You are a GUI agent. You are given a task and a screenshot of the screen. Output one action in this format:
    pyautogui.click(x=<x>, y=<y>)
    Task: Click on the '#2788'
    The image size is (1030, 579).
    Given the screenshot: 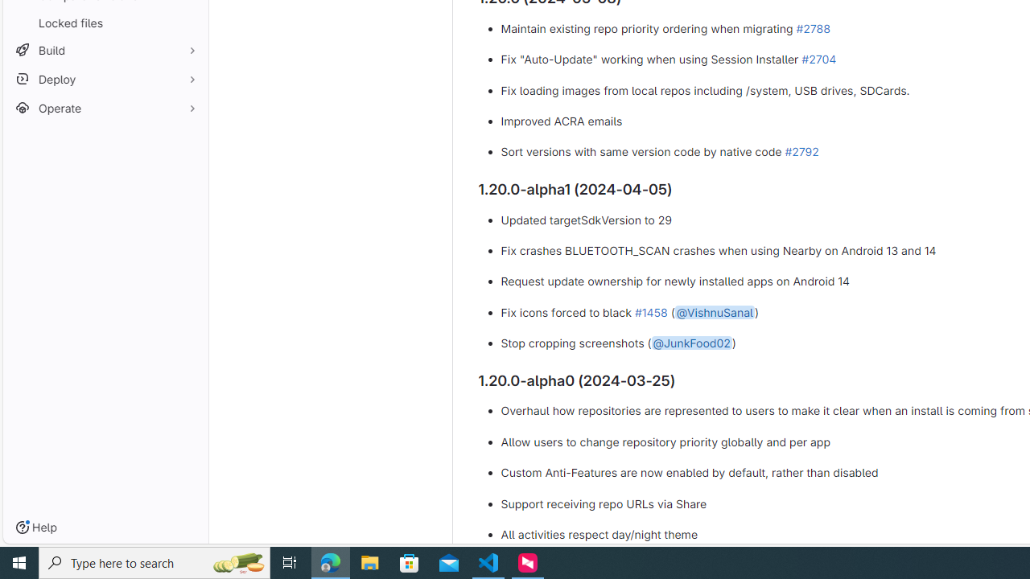 What is the action you would take?
    pyautogui.click(x=813, y=27)
    